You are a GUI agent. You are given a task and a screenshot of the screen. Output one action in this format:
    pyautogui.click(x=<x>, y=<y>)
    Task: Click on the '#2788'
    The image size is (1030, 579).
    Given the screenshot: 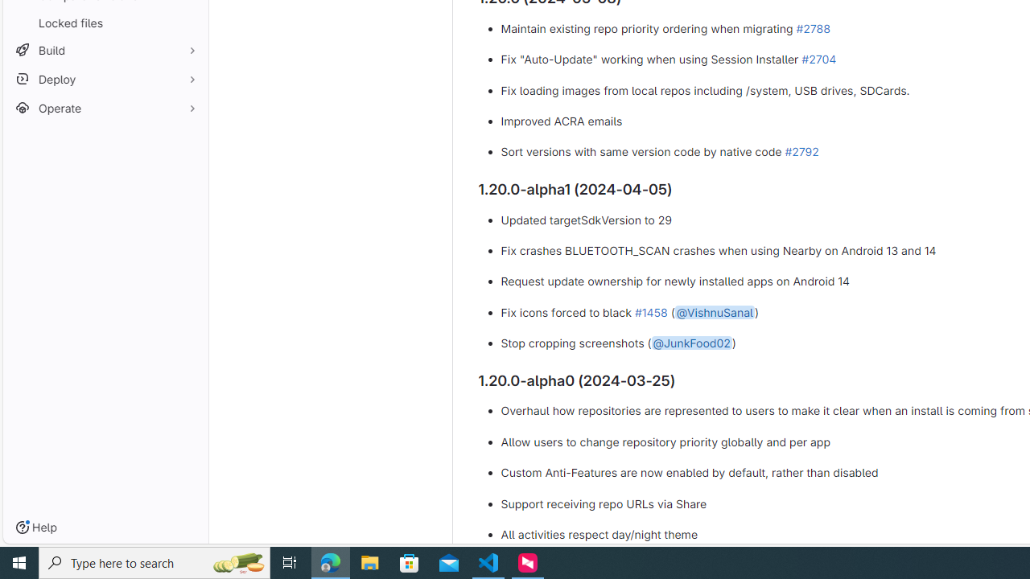 What is the action you would take?
    pyautogui.click(x=813, y=27)
    